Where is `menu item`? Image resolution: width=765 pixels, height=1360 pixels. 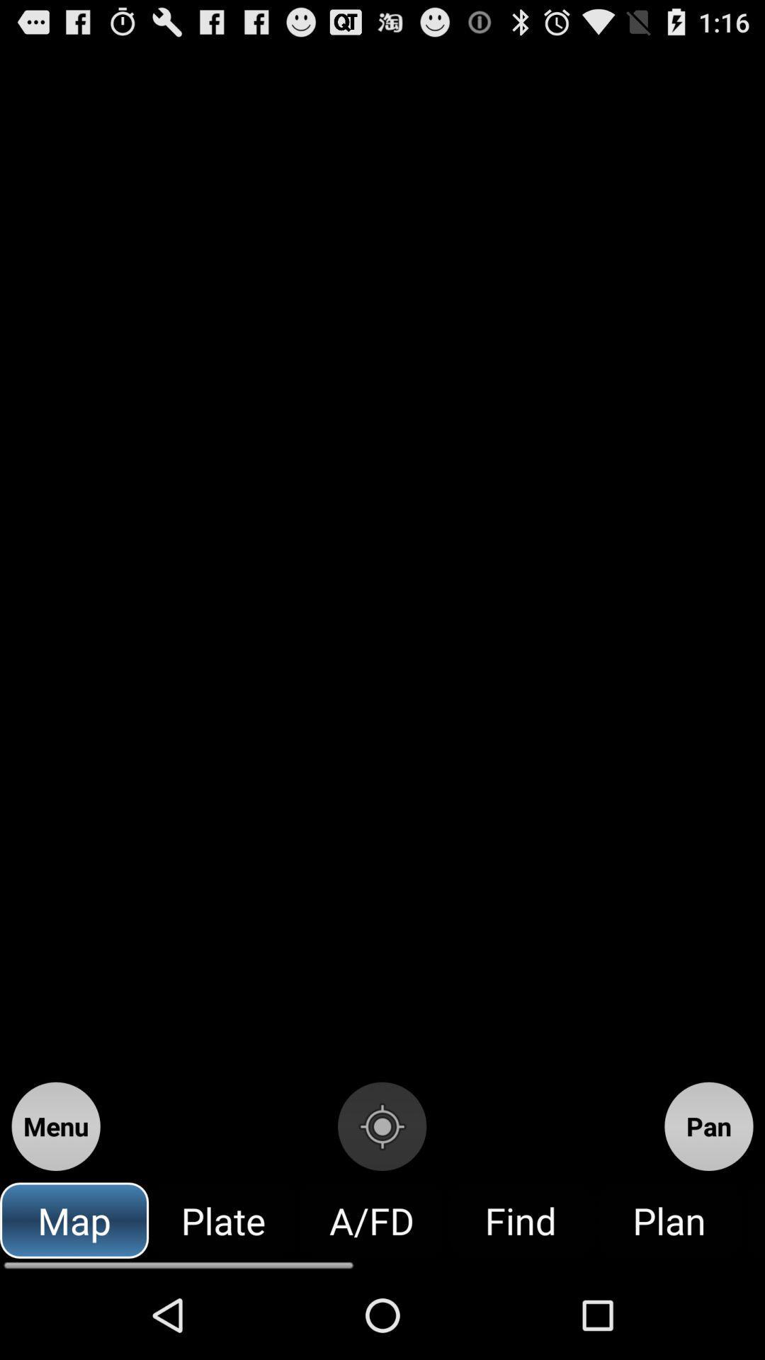
menu item is located at coordinates (55, 1126).